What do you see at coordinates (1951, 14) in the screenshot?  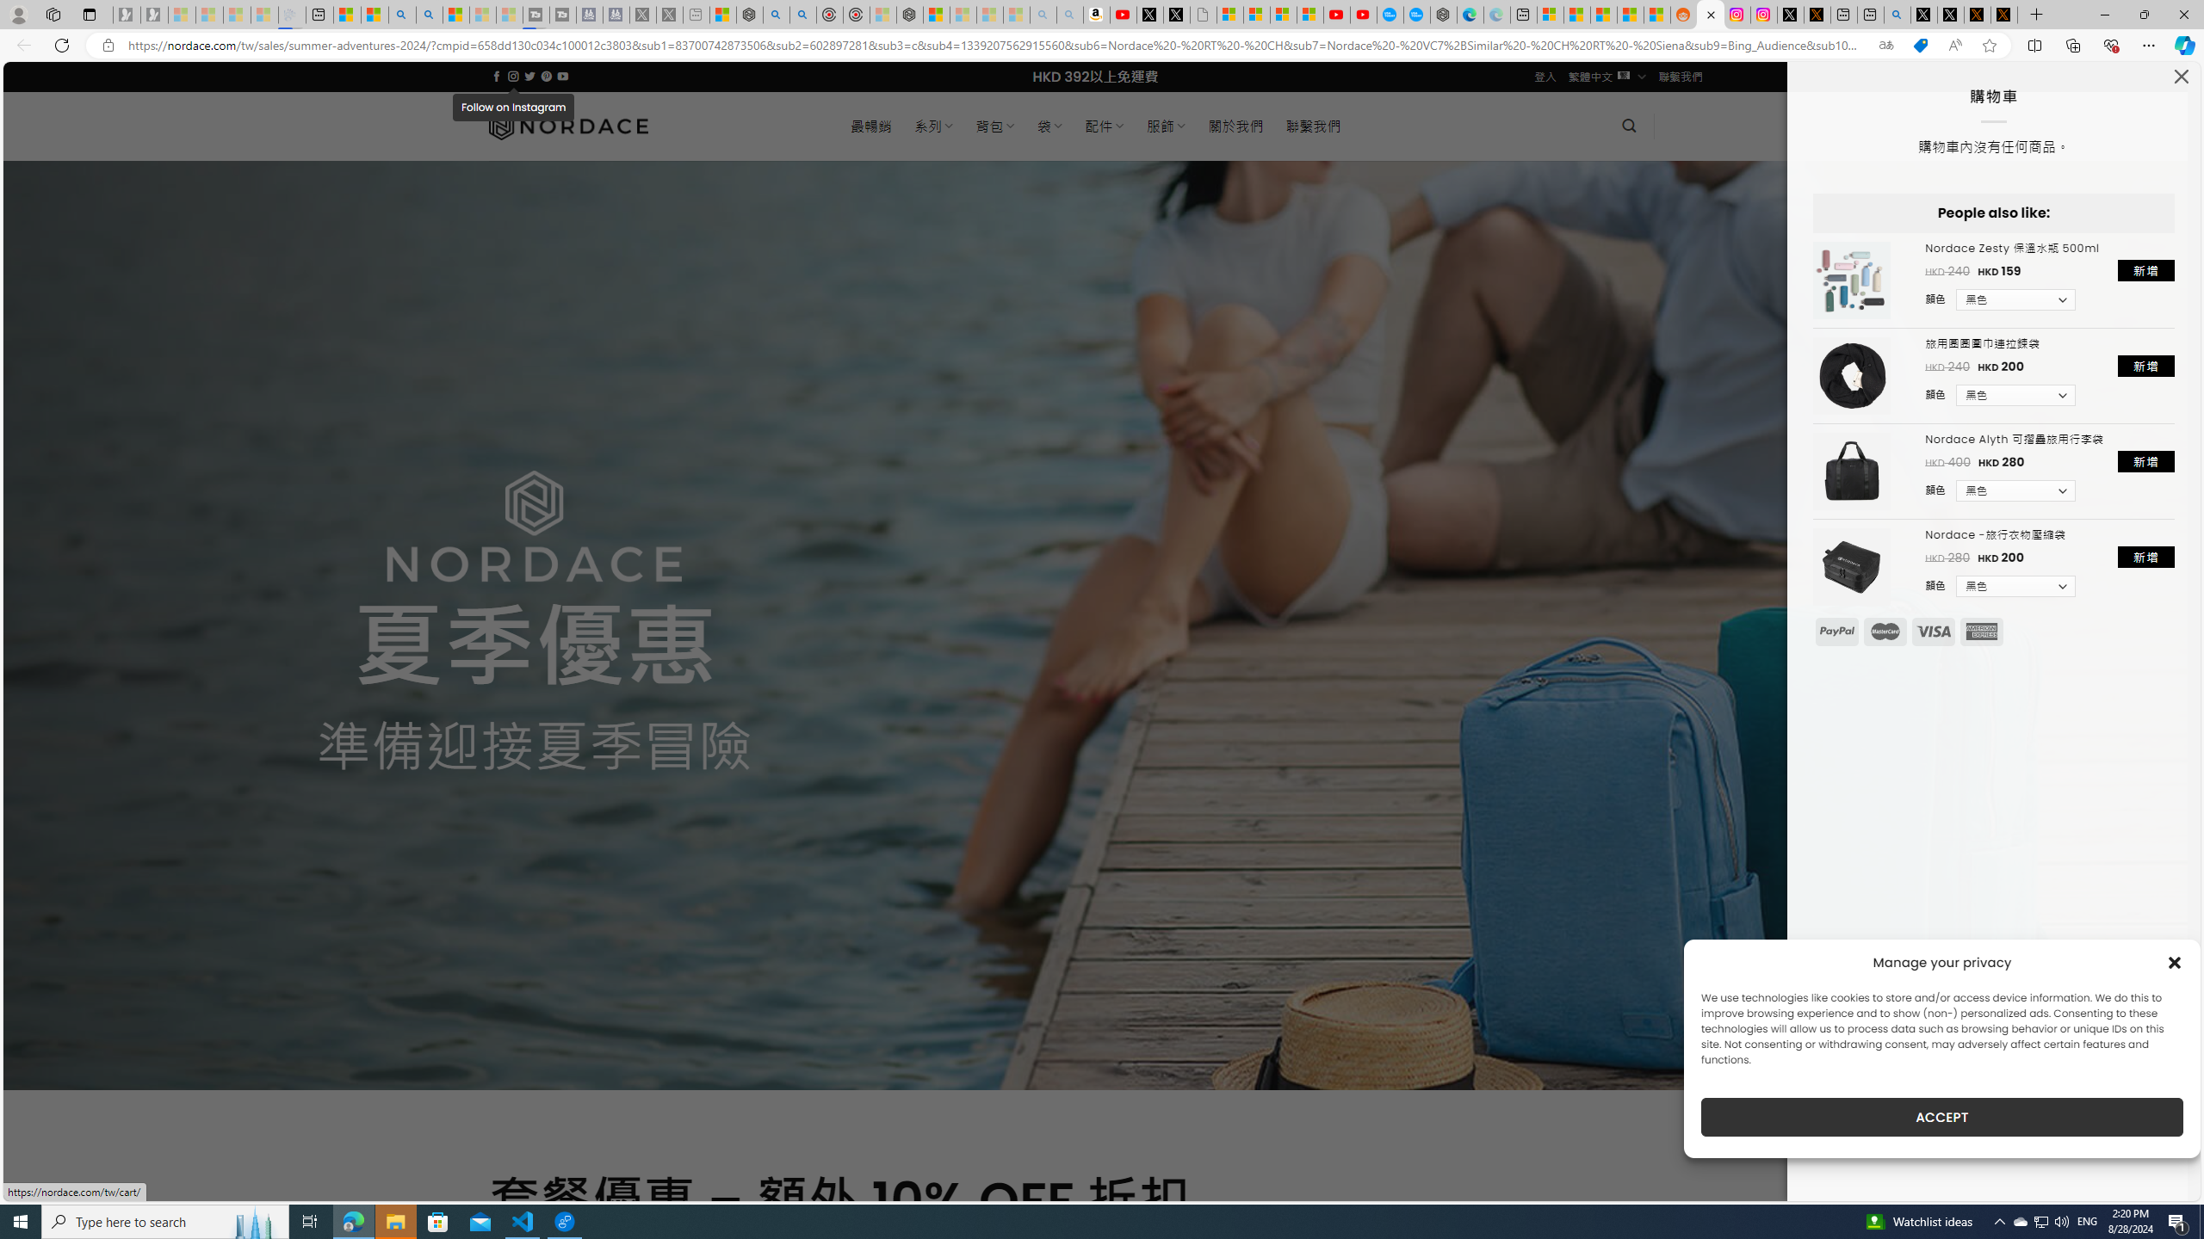 I see `'GitHub (@github) / X'` at bounding box center [1951, 14].